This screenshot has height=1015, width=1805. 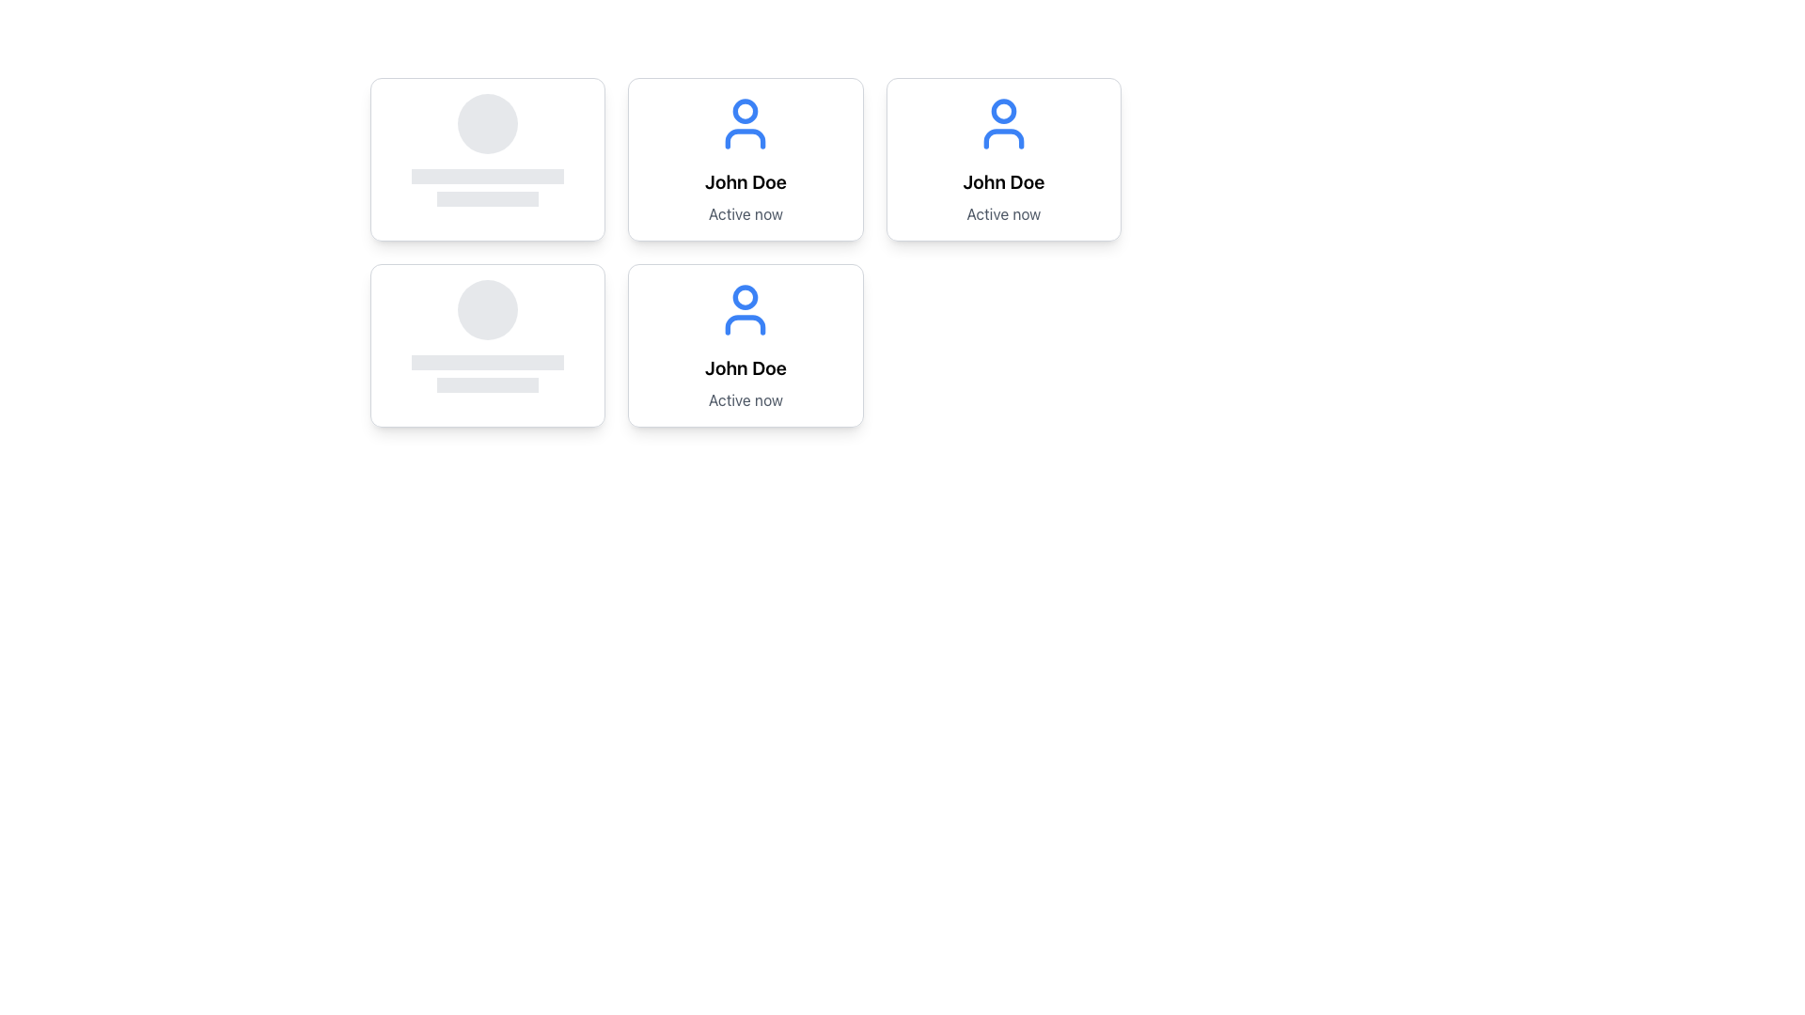 I want to click on the Placeholder skeleton element that represents a loading state of a user card, located in the second row and first column of a grid layout, so click(x=488, y=345).